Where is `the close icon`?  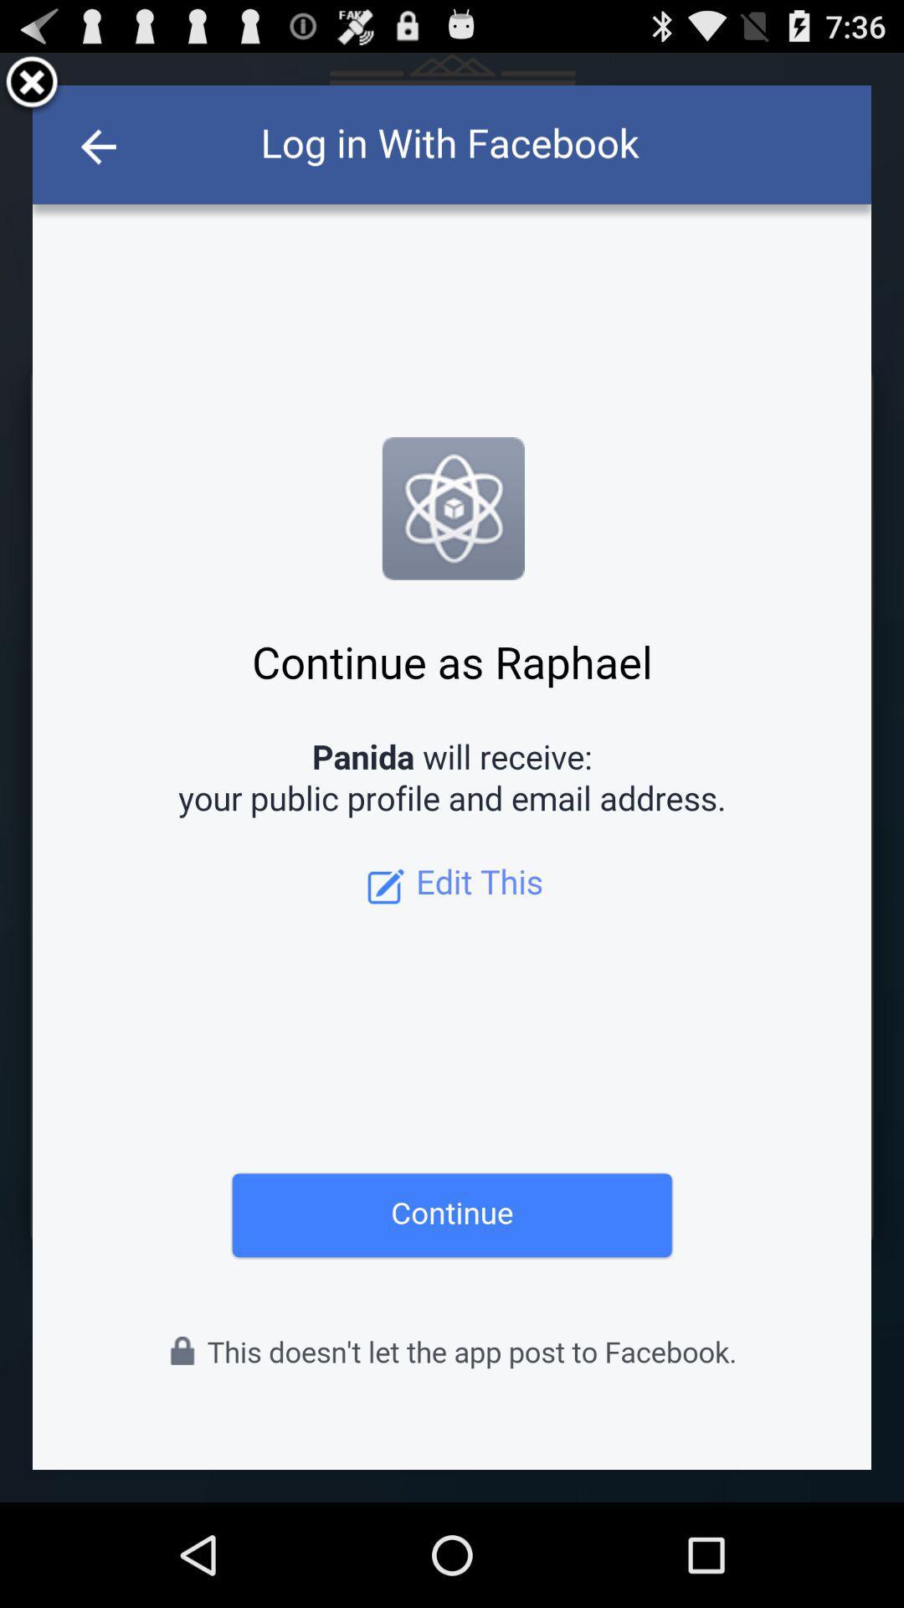 the close icon is located at coordinates (32, 90).